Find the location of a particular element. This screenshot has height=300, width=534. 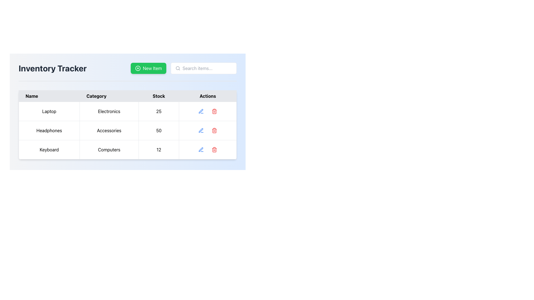

the red trash bin icon in the second row of the table's 'Actions' column to initiate deletion is located at coordinates (214, 111).